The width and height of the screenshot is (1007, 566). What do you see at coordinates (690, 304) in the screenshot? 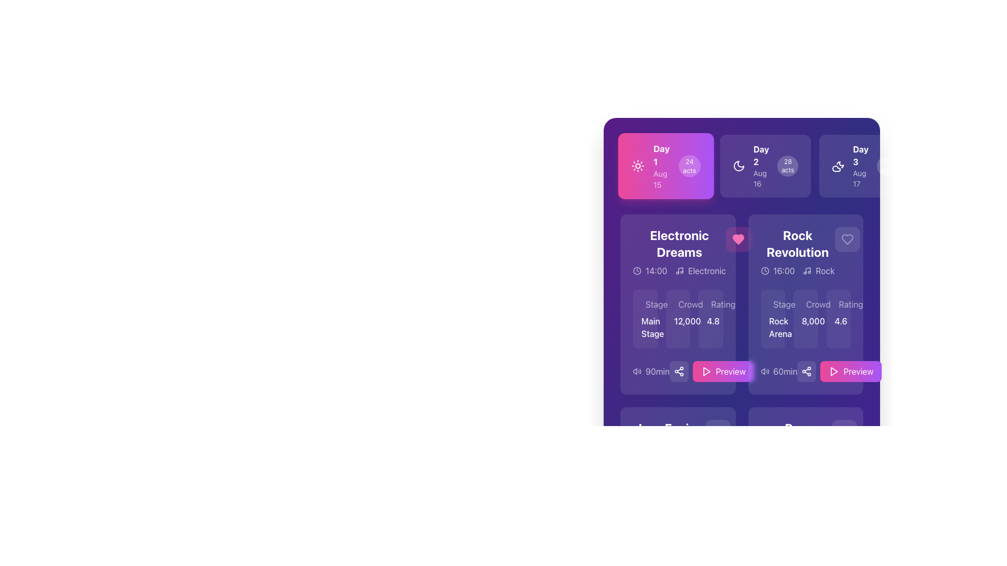
I see `the Text Label indicating the expected crowd or number of attendees in the 'Electronic Dreams' section, positioned below the 'Electronic Dreams' header and aligned with the 'Stage' and 'Rating' labels` at bounding box center [690, 304].